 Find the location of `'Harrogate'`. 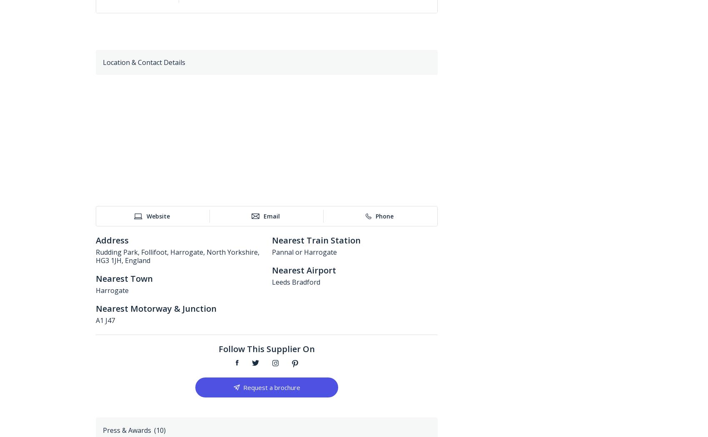

'Harrogate' is located at coordinates (112, 291).